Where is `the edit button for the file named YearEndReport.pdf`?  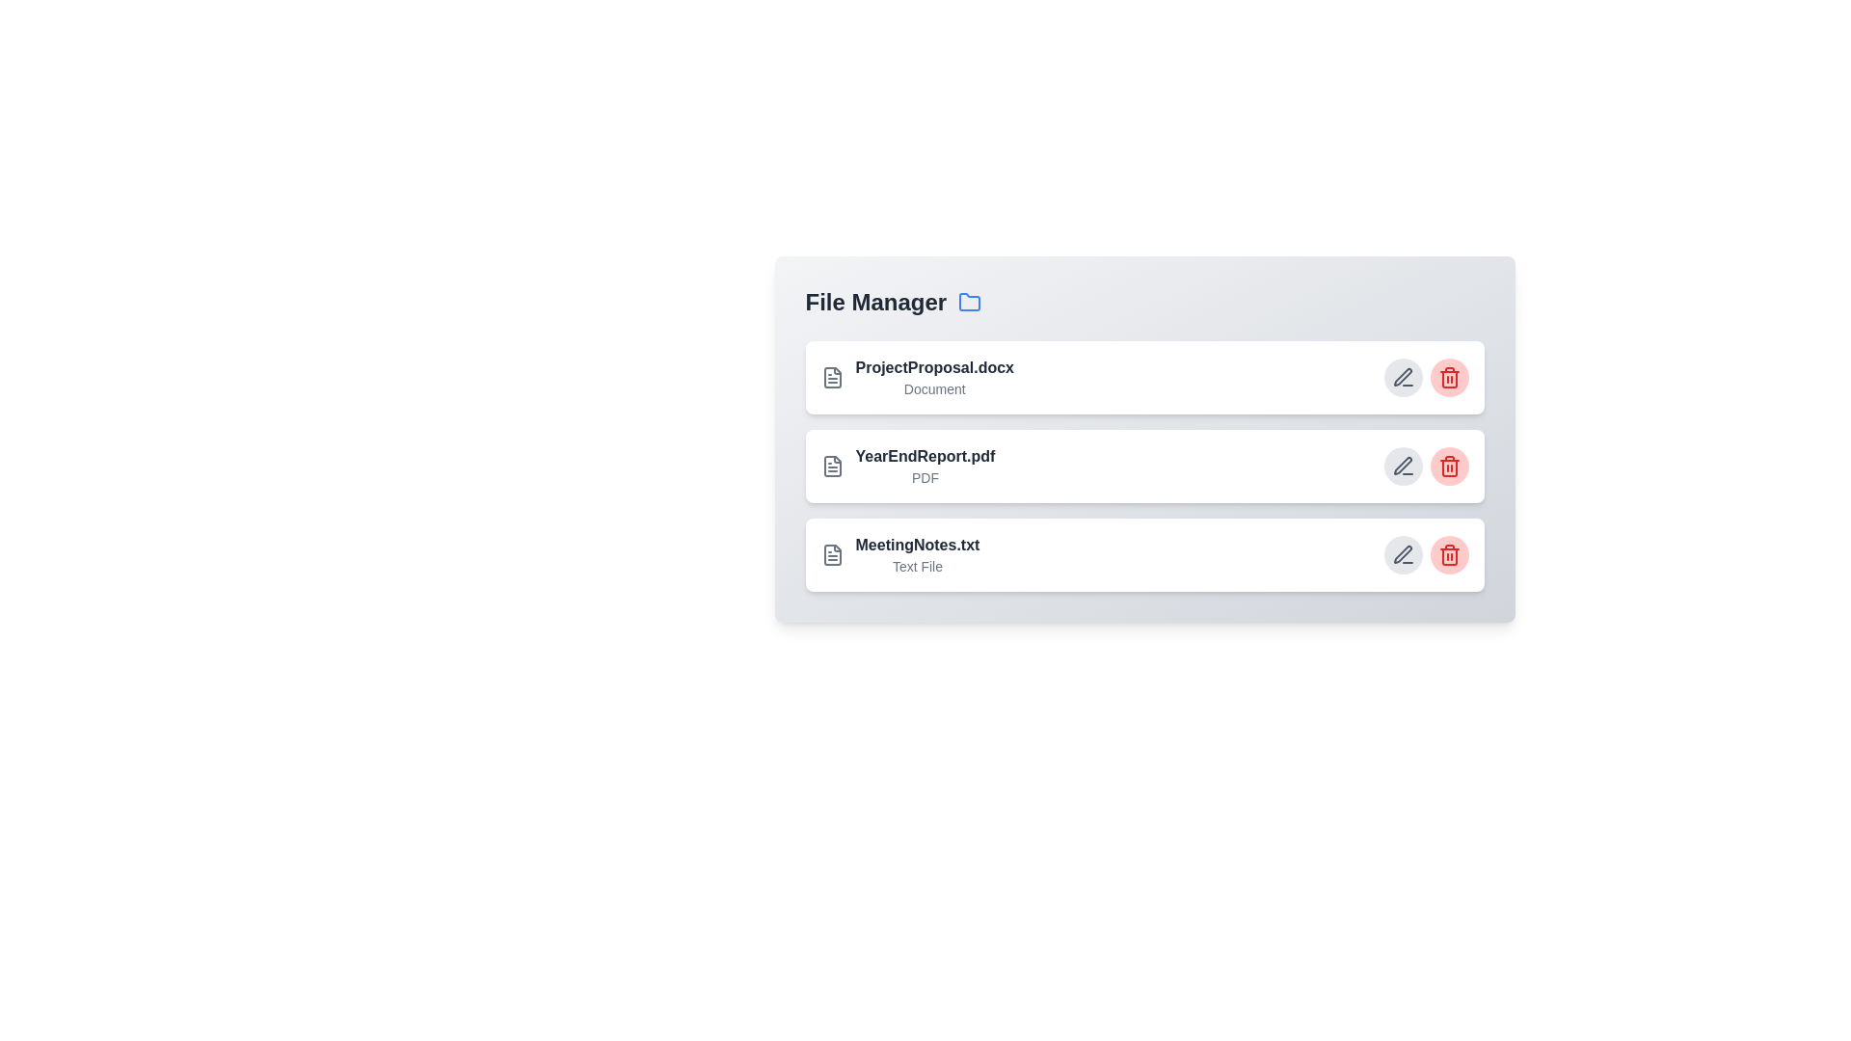
the edit button for the file named YearEndReport.pdf is located at coordinates (1403, 466).